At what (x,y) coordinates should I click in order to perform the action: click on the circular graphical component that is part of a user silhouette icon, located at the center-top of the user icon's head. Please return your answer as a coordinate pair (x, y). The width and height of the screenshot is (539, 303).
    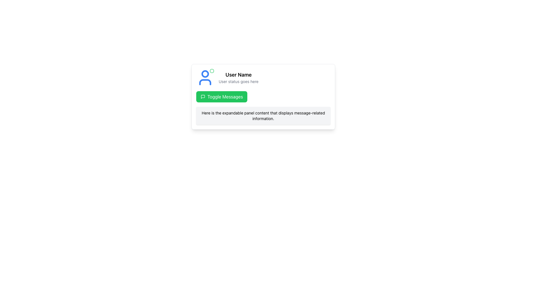
    Looking at the image, I should click on (205, 73).